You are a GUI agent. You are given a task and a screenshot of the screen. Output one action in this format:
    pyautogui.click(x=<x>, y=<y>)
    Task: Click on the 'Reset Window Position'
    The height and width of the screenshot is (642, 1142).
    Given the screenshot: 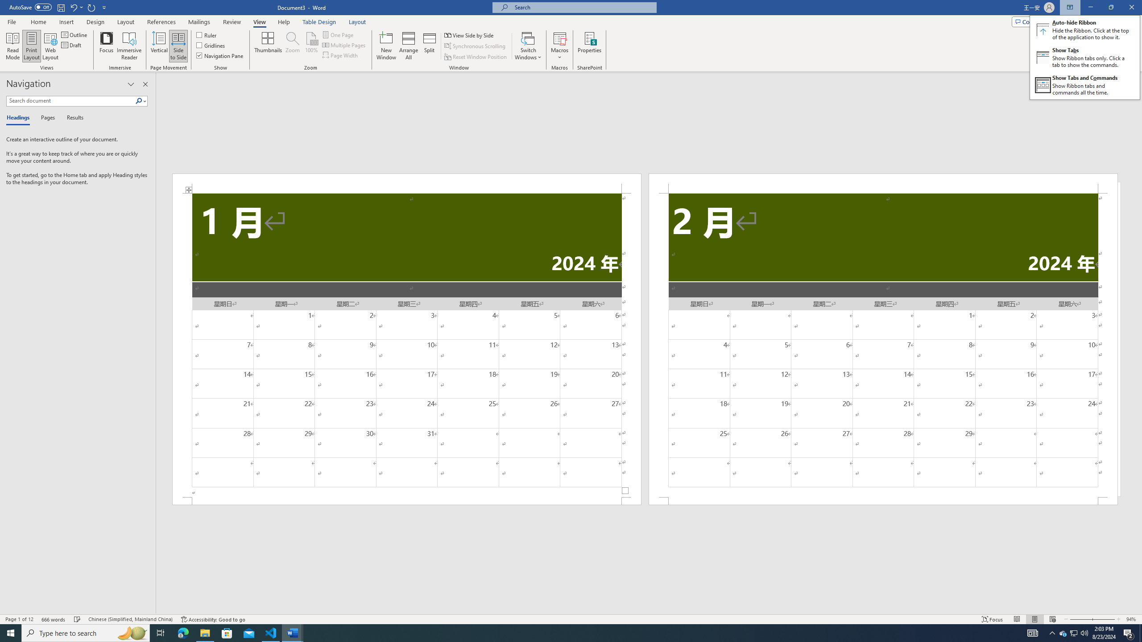 What is the action you would take?
    pyautogui.click(x=476, y=57)
    